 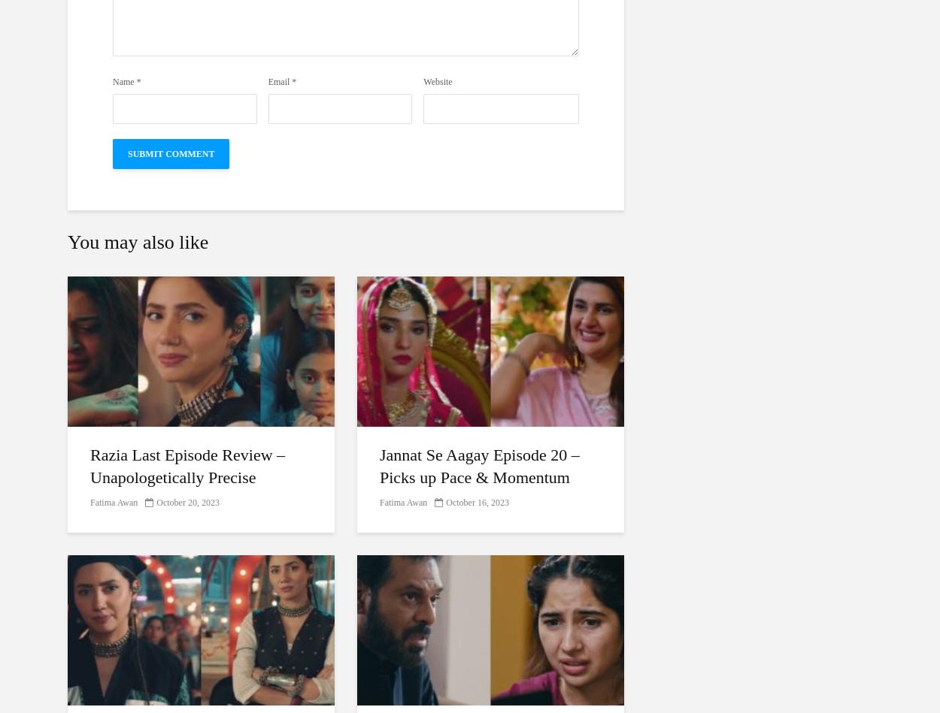 I want to click on 'Website', so click(x=437, y=82).